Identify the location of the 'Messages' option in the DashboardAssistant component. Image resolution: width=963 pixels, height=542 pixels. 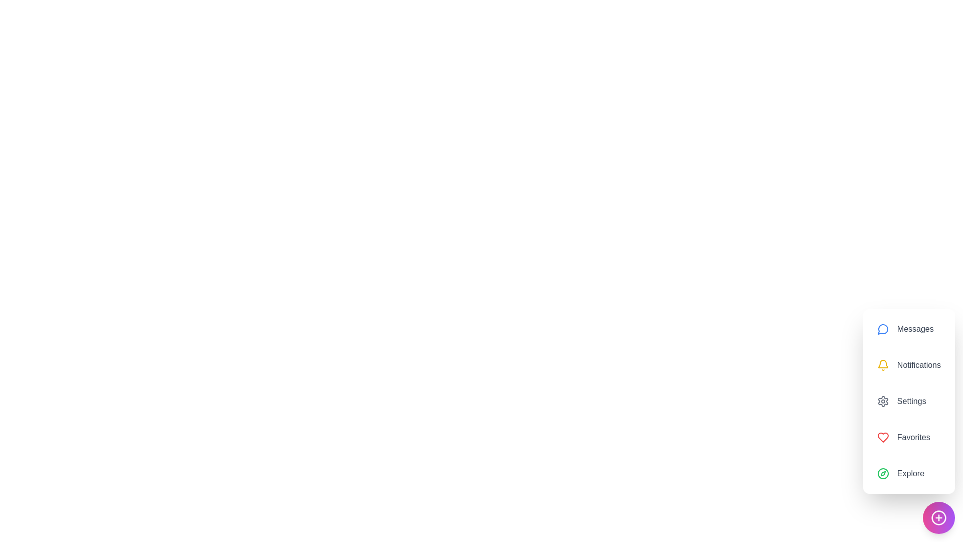
(908, 329).